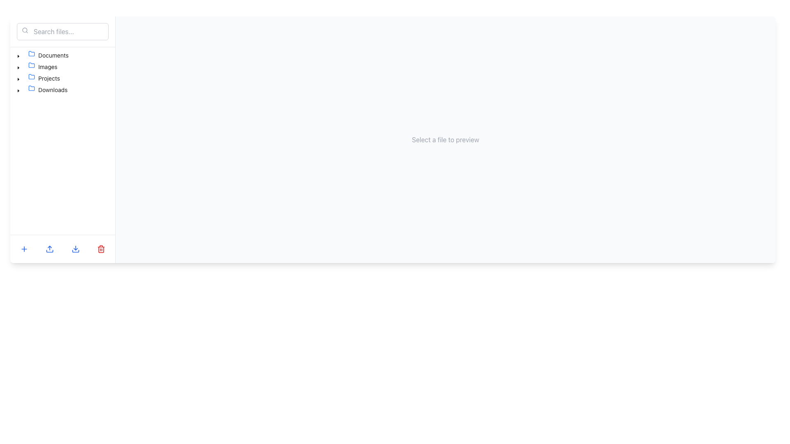 The width and height of the screenshot is (790, 444). What do you see at coordinates (31, 76) in the screenshot?
I see `the blue-colored folder icon with rounded corners, which is the third item in a vertical list adjacent to the 'Projects' label for navigation purposes` at bounding box center [31, 76].